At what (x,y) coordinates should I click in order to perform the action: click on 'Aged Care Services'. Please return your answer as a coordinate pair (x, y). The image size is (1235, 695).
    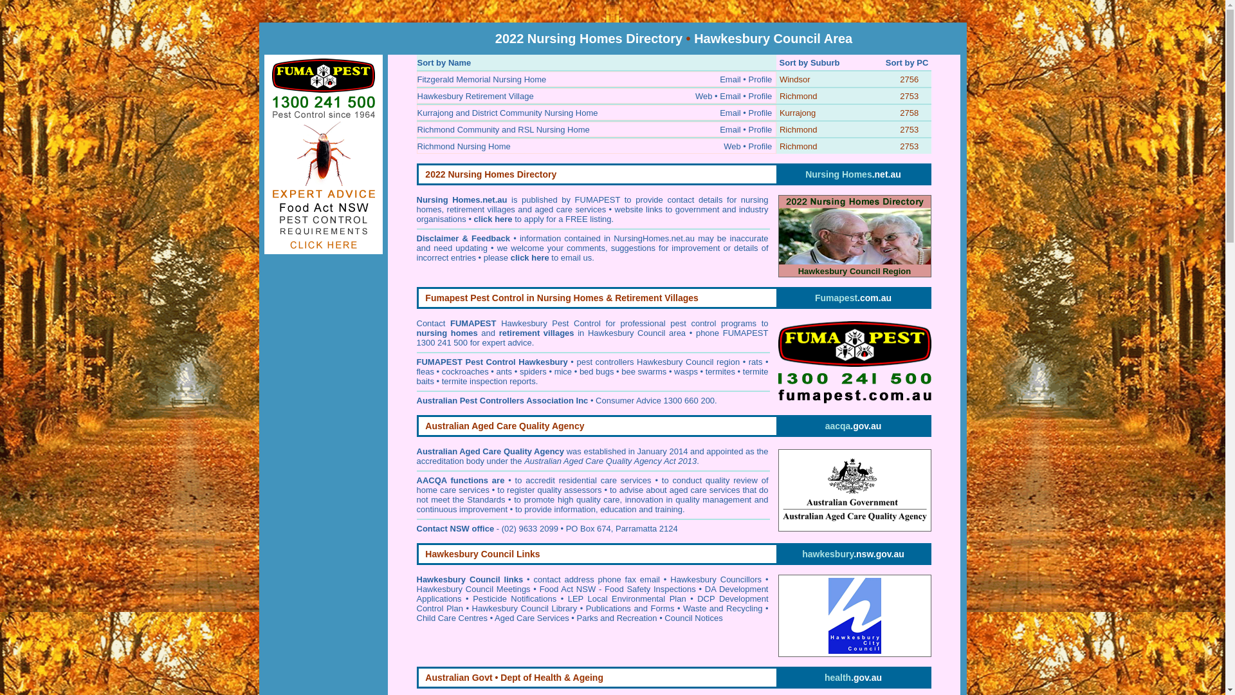
    Looking at the image, I should click on (531, 617).